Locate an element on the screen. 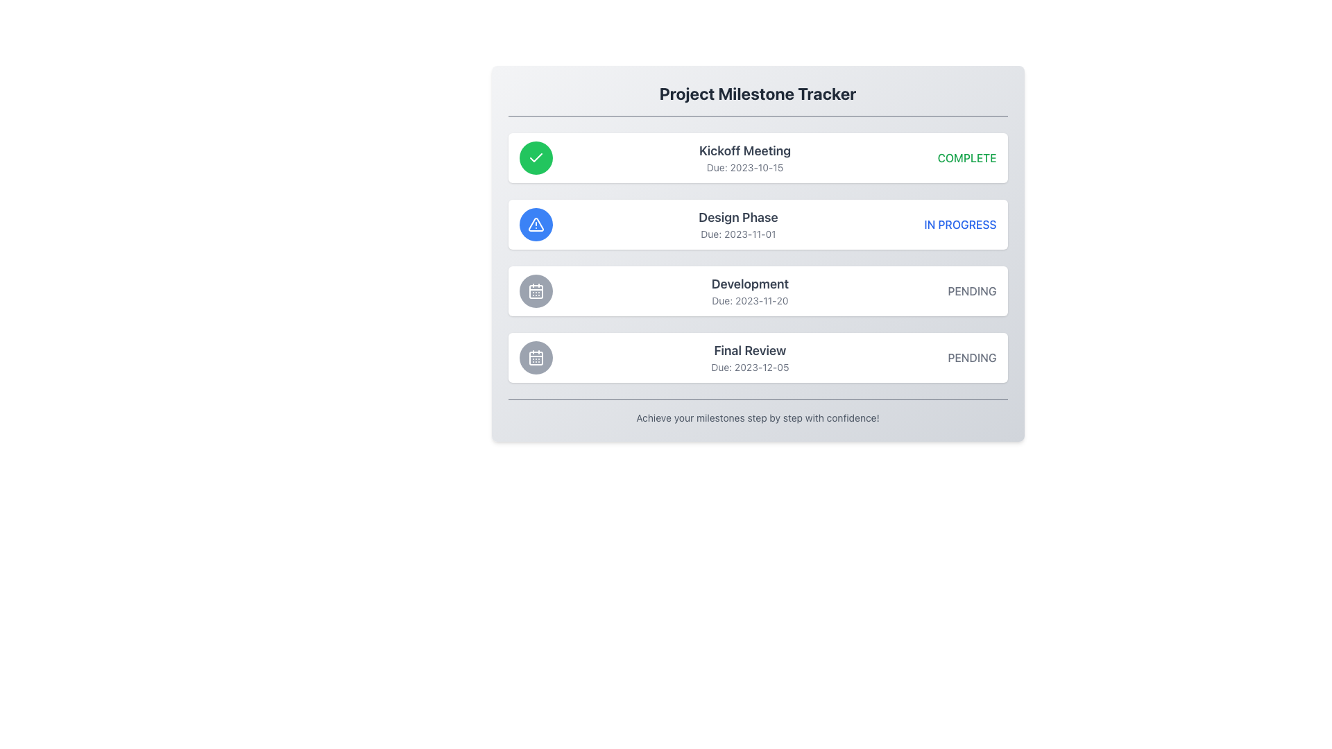 The image size is (1332, 749). text for information from the Text Block that provides details about the 'Development' milestone, located in the third card of the vertical stack of milestone cards is located at coordinates (749, 291).